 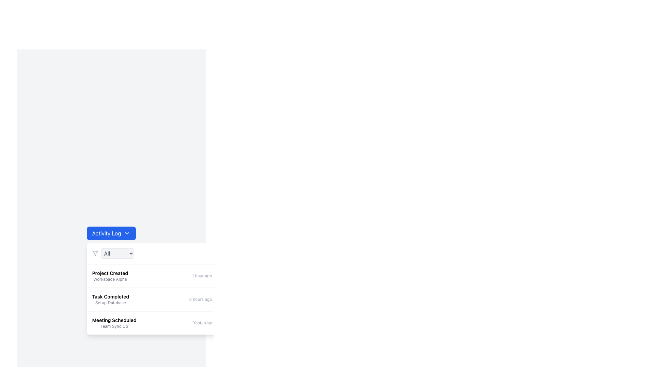 I want to click on the first activity log entry titled 'Project Created', which displays 'Workspace Alpha' below it and the time '1 hour ago' on the right, so click(x=152, y=276).